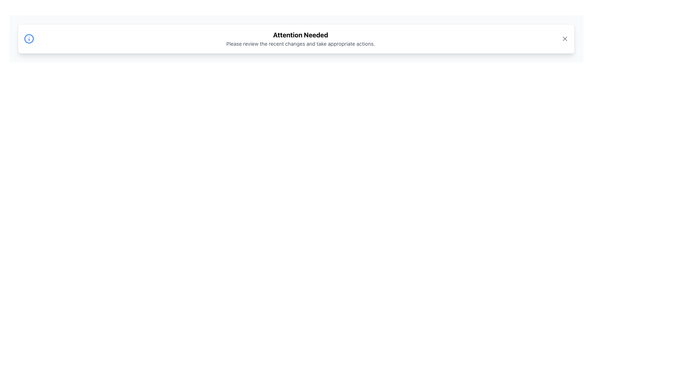 The width and height of the screenshot is (698, 392). What do you see at coordinates (300, 44) in the screenshot?
I see `the text label that reads 'Please review the recent changes and take appropriate actions.', which is positioned below the heading 'Attention Needed'` at bounding box center [300, 44].